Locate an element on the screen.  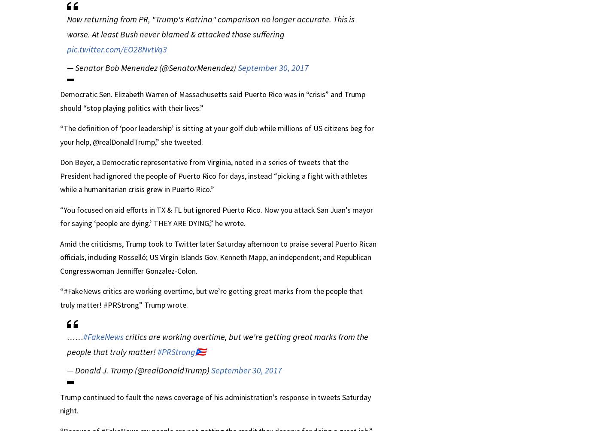
'— Donald J. Trump (@realDonaldTrump)' is located at coordinates (139, 370).